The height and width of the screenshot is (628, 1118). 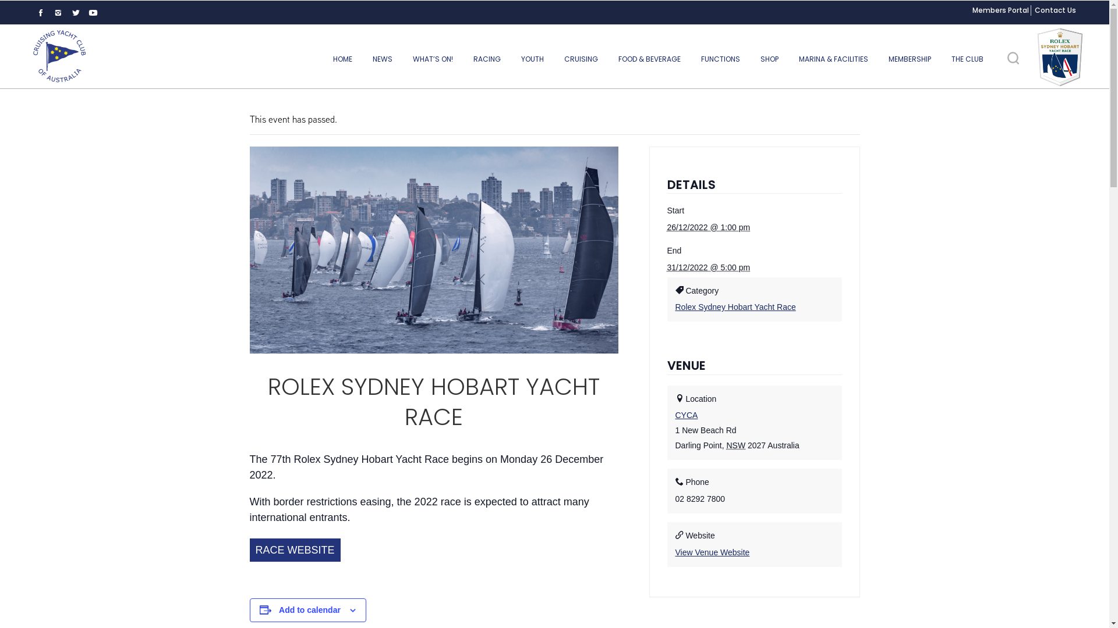 I want to click on 'HOME', so click(x=342, y=59).